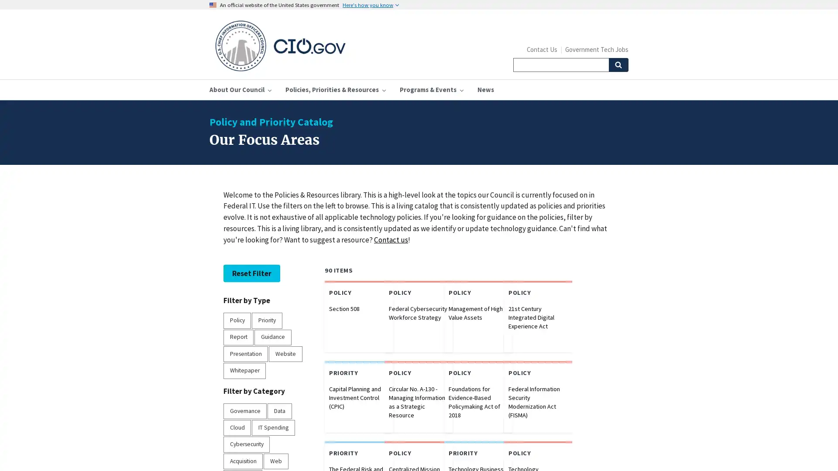  Describe the element at coordinates (335, 89) in the screenshot. I see `Policies, Priorities & Resources` at that location.